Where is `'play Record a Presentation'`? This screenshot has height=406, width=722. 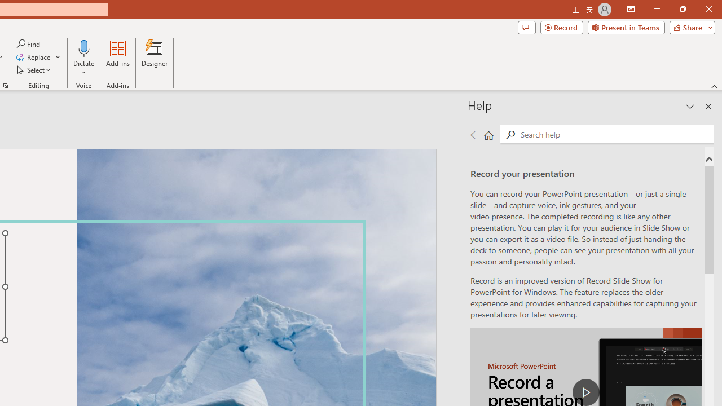 'play Record a Presentation' is located at coordinates (585, 391).